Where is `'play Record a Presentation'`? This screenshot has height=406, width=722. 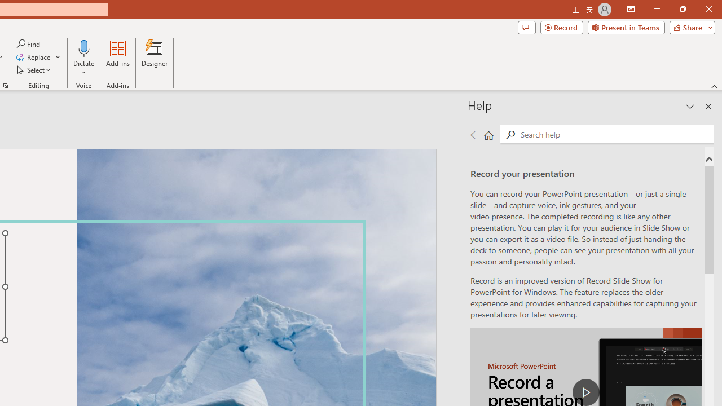 'play Record a Presentation' is located at coordinates (585, 391).